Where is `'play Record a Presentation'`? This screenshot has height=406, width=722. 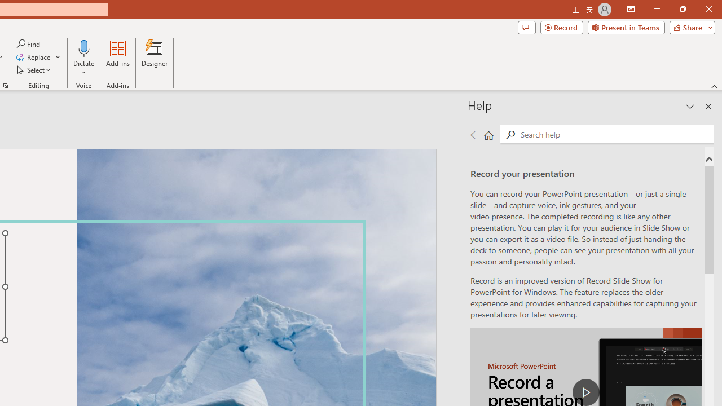 'play Record a Presentation' is located at coordinates (585, 391).